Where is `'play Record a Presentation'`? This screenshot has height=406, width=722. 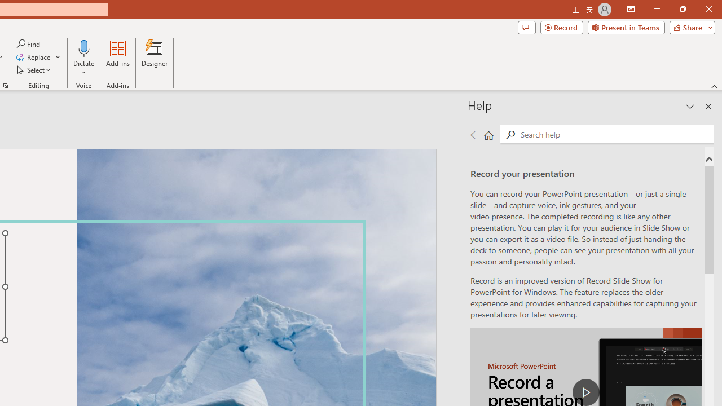 'play Record a Presentation' is located at coordinates (585, 391).